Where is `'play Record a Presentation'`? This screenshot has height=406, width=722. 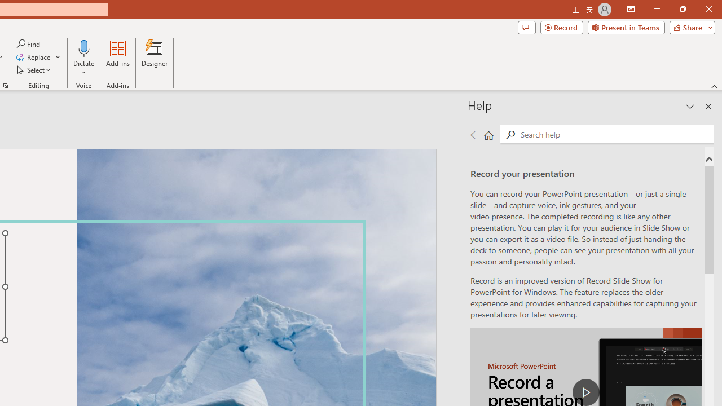 'play Record a Presentation' is located at coordinates (585, 391).